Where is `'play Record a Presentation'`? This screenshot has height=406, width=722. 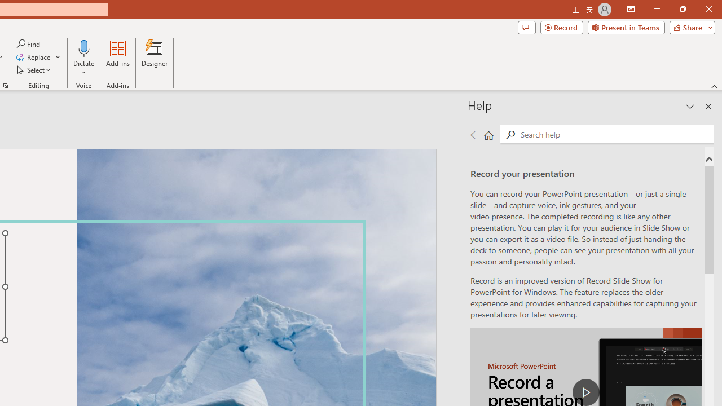 'play Record a Presentation' is located at coordinates (585, 391).